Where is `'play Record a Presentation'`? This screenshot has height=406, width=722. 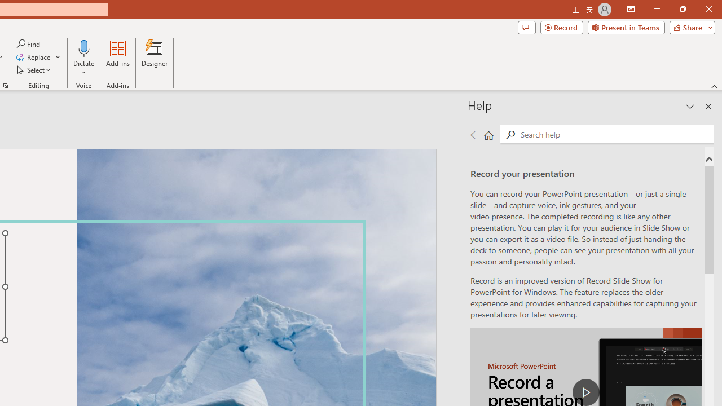 'play Record a Presentation' is located at coordinates (585, 391).